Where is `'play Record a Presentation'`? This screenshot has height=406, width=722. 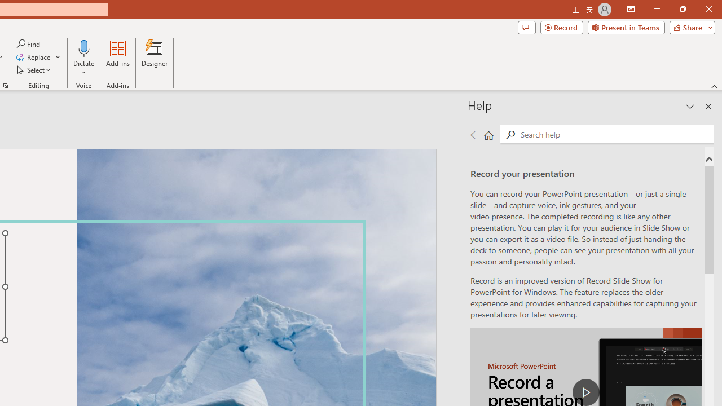 'play Record a Presentation' is located at coordinates (585, 391).